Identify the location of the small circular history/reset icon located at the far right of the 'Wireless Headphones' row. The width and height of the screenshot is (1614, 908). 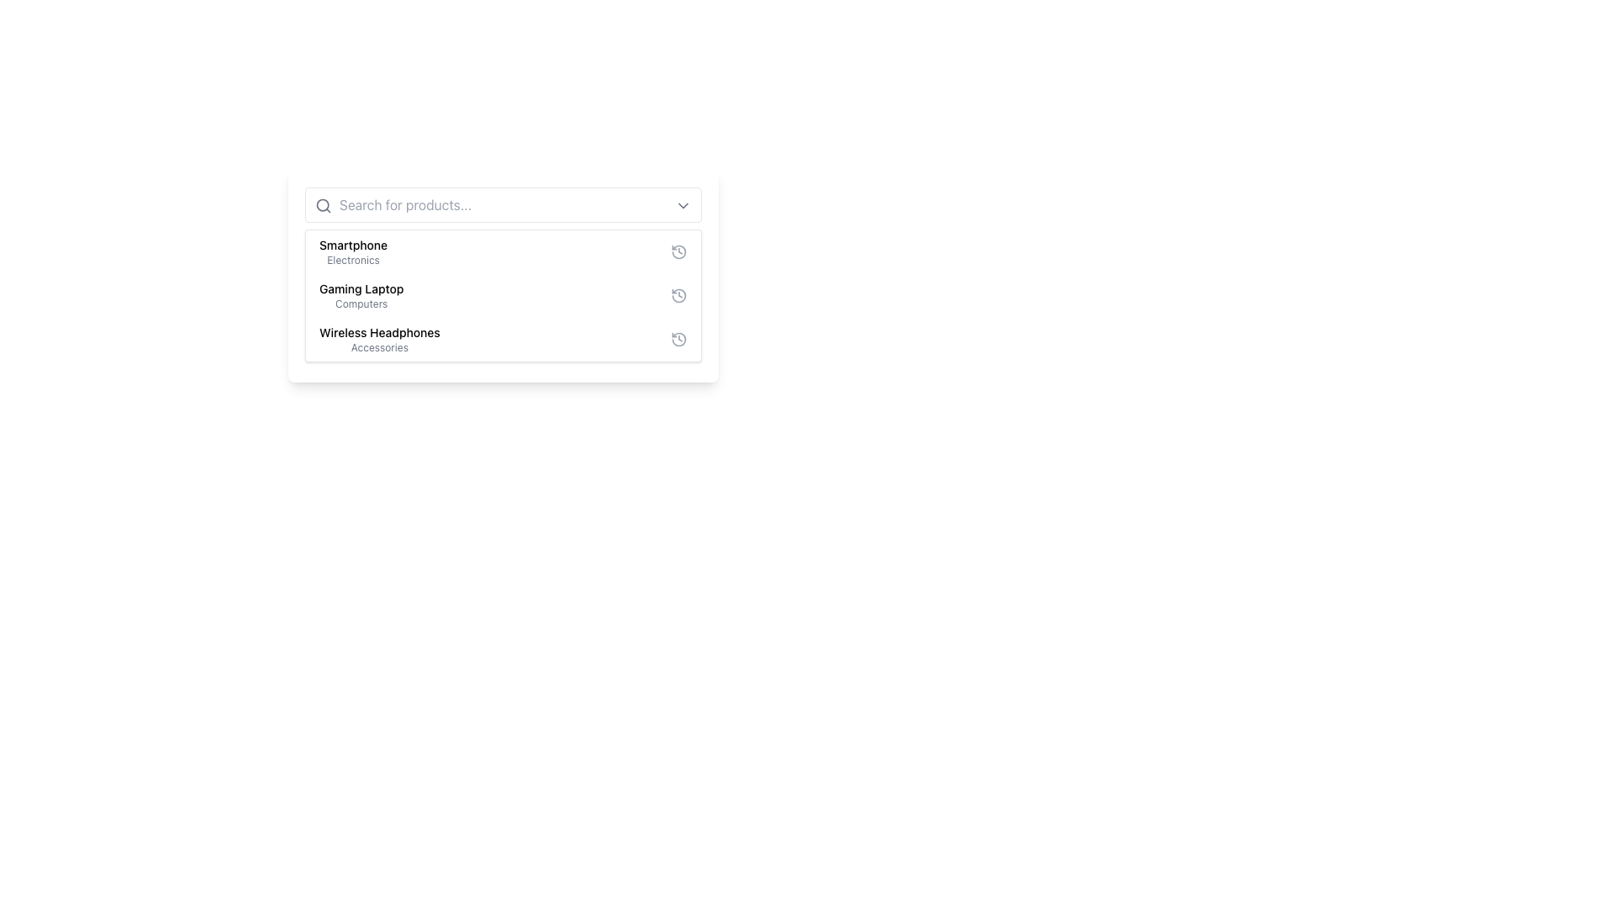
(678, 340).